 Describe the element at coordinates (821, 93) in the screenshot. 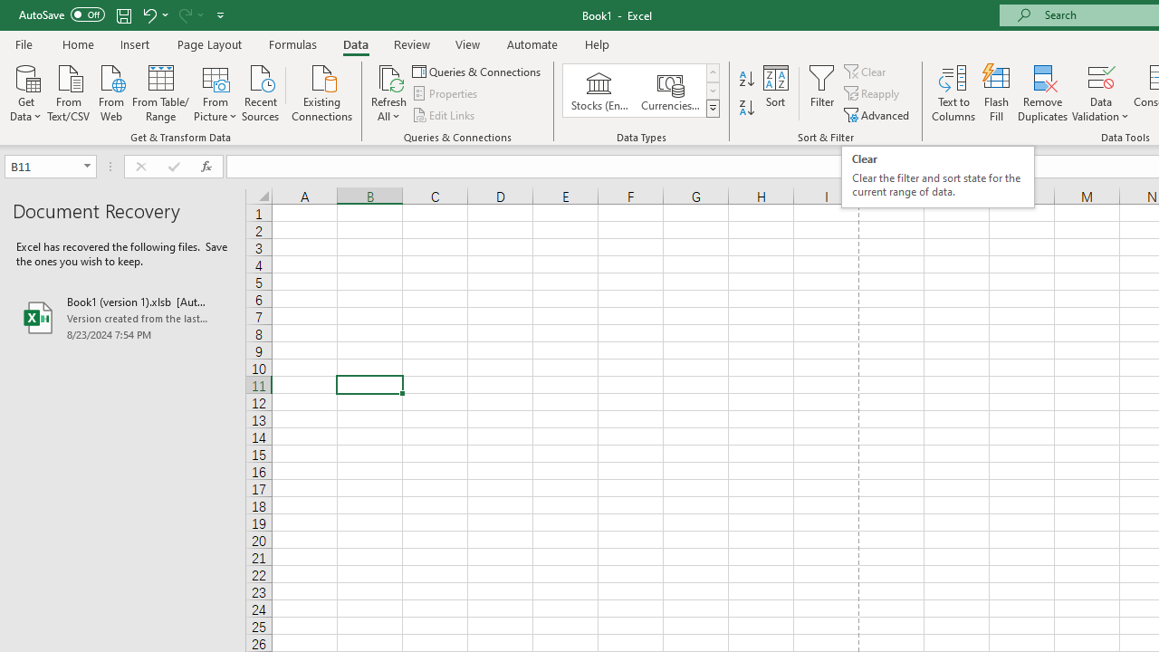

I see `'Filter'` at that location.